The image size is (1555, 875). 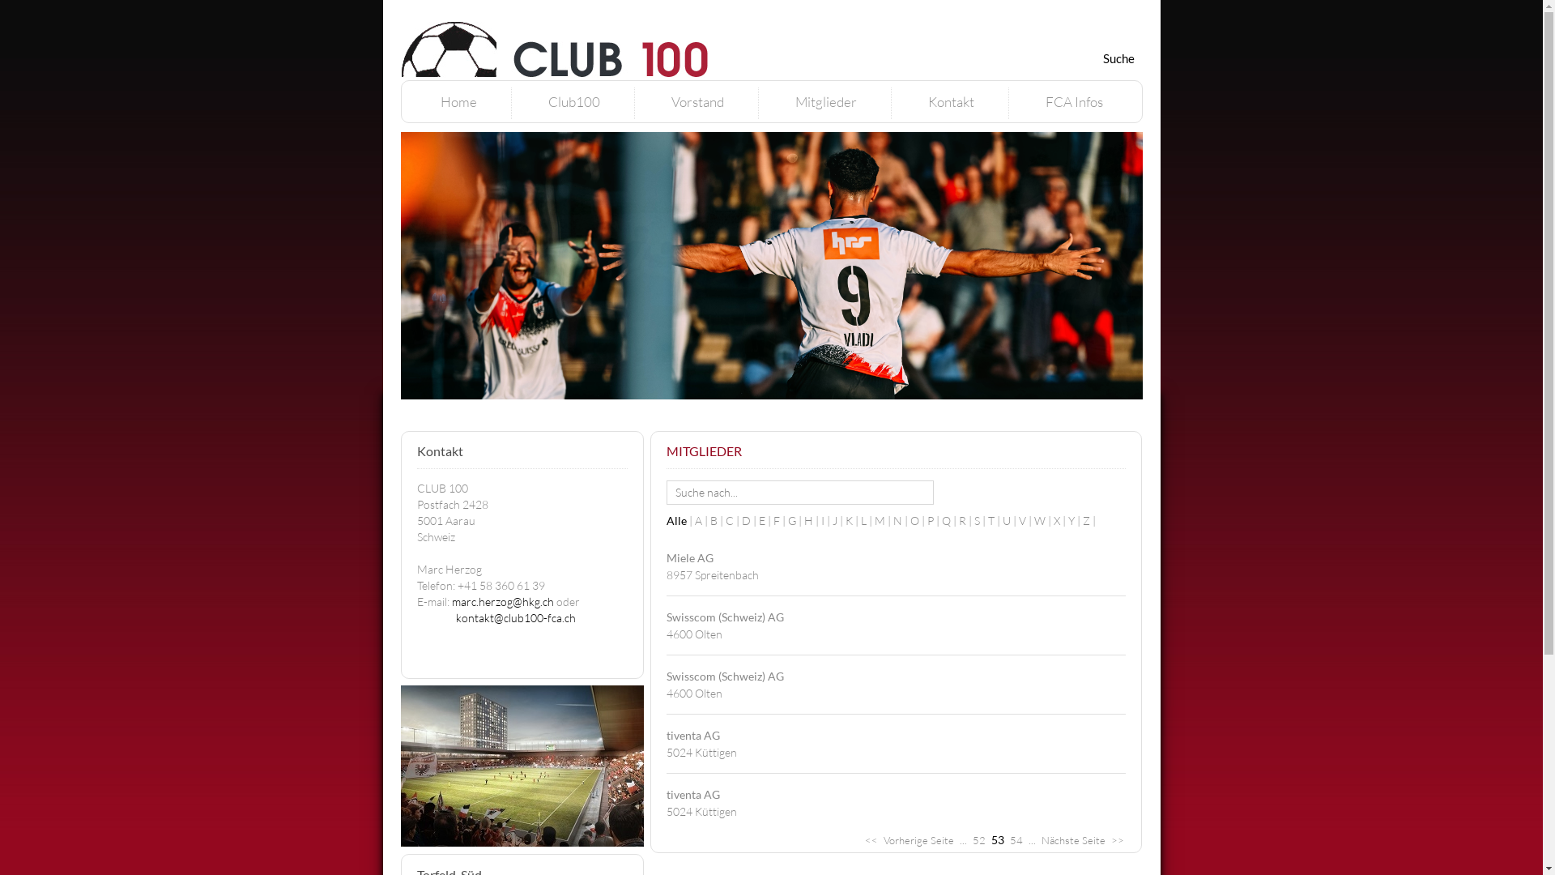 I want to click on 'tiventa AG', so click(x=692, y=735).